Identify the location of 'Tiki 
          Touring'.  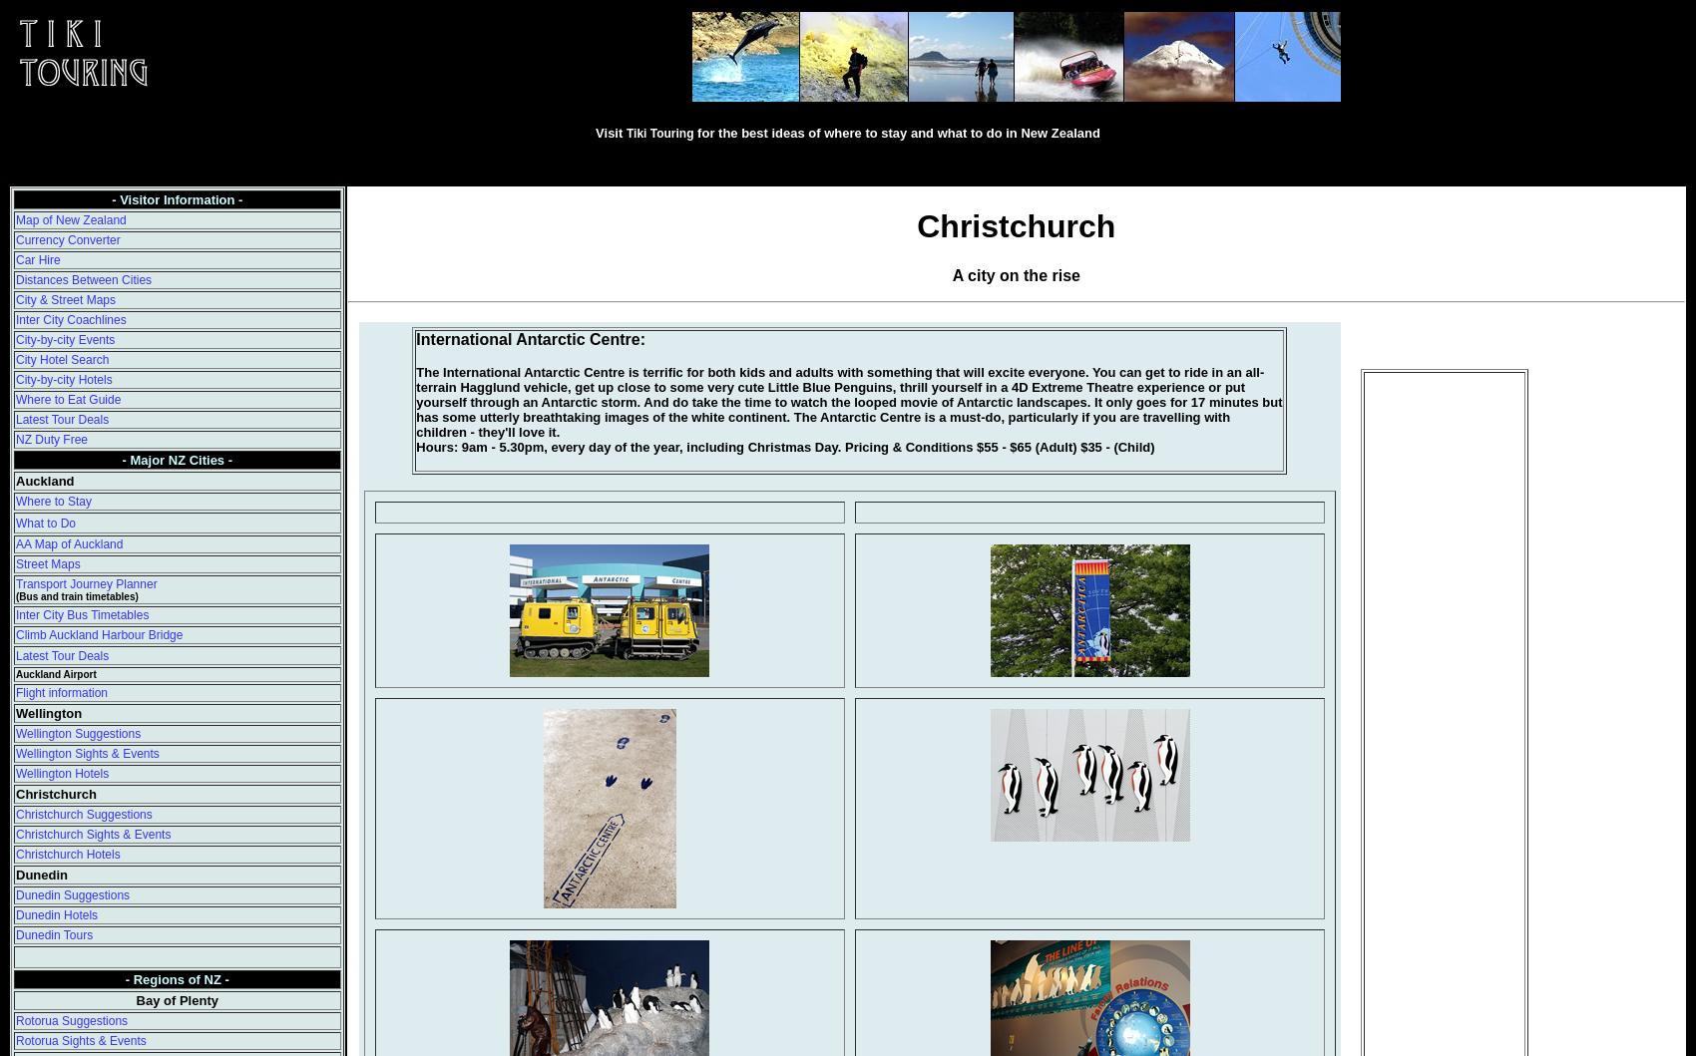
(624, 132).